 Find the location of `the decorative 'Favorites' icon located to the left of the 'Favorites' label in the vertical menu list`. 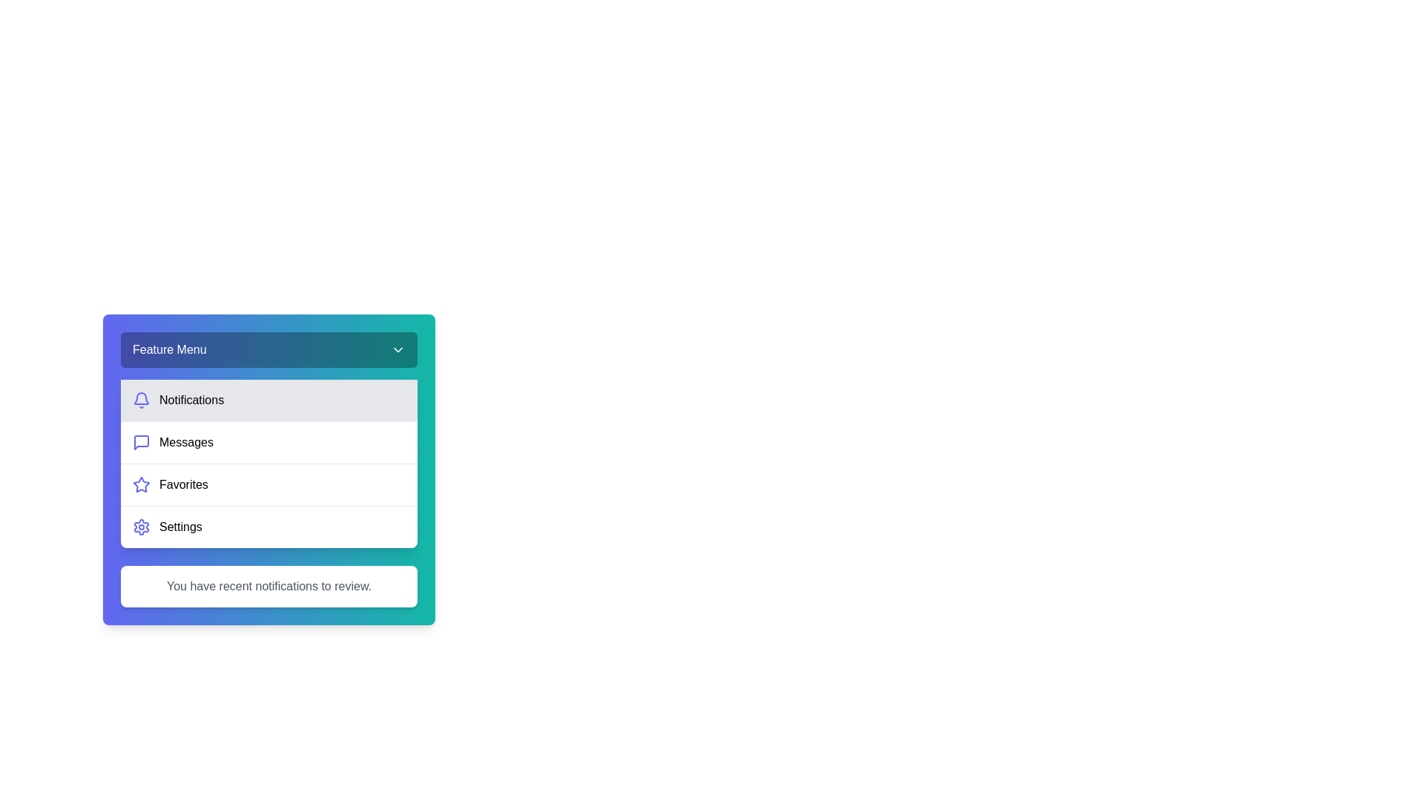

the decorative 'Favorites' icon located to the left of the 'Favorites' label in the vertical menu list is located at coordinates (142, 484).